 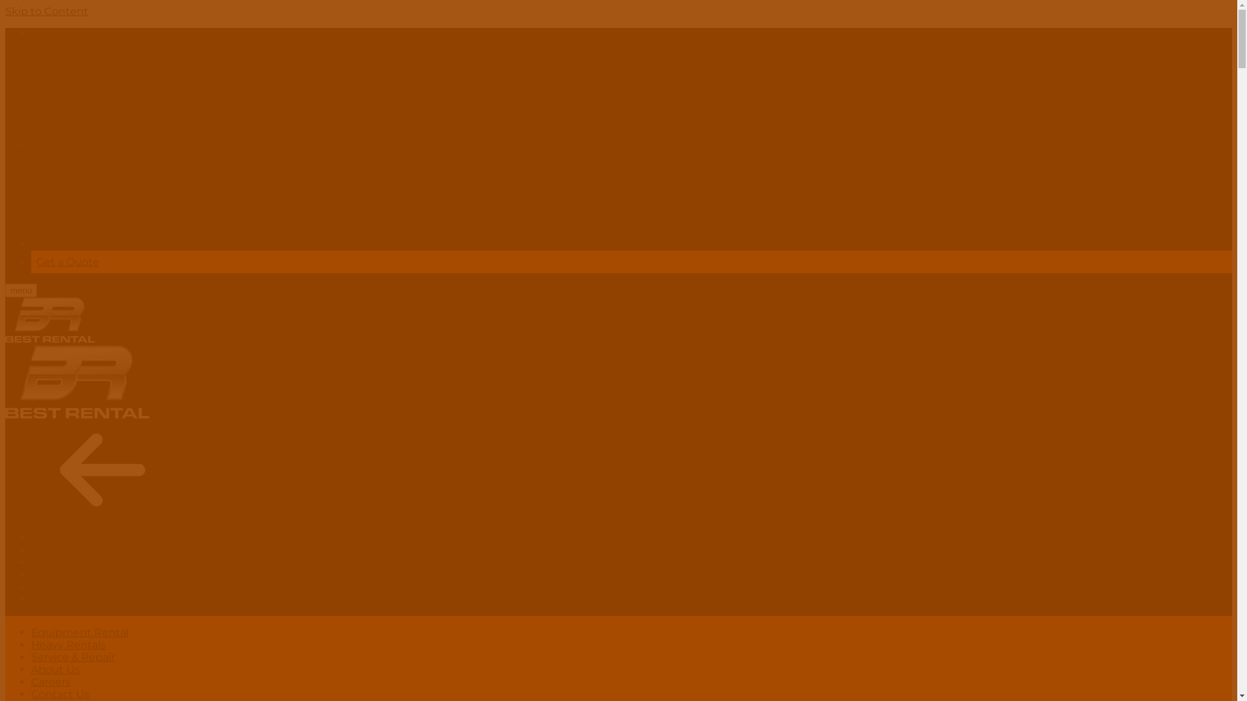 I want to click on 'Heavy Rentals', so click(x=68, y=645).